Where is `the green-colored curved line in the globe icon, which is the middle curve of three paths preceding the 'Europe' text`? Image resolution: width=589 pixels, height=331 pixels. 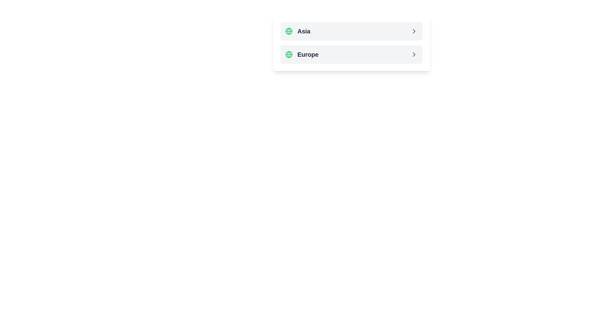
the green-colored curved line in the globe icon, which is the middle curve of three paths preceding the 'Europe' text is located at coordinates (288, 31).